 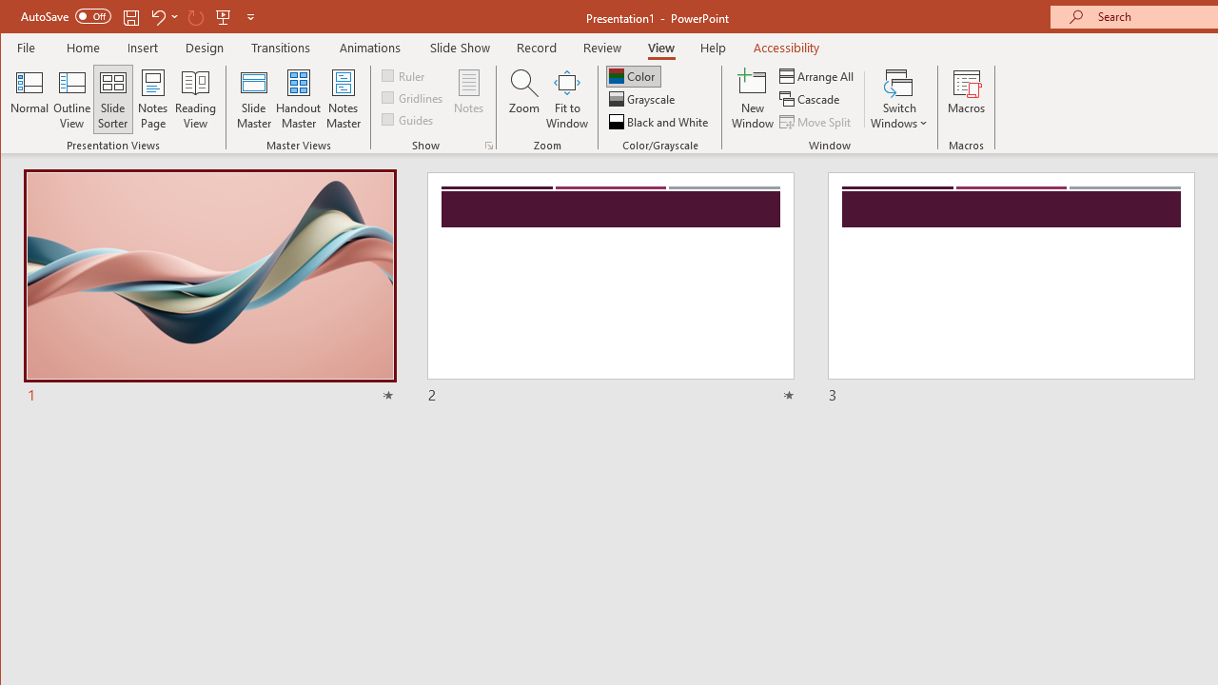 What do you see at coordinates (818, 75) in the screenshot?
I see `'Arrange All'` at bounding box center [818, 75].